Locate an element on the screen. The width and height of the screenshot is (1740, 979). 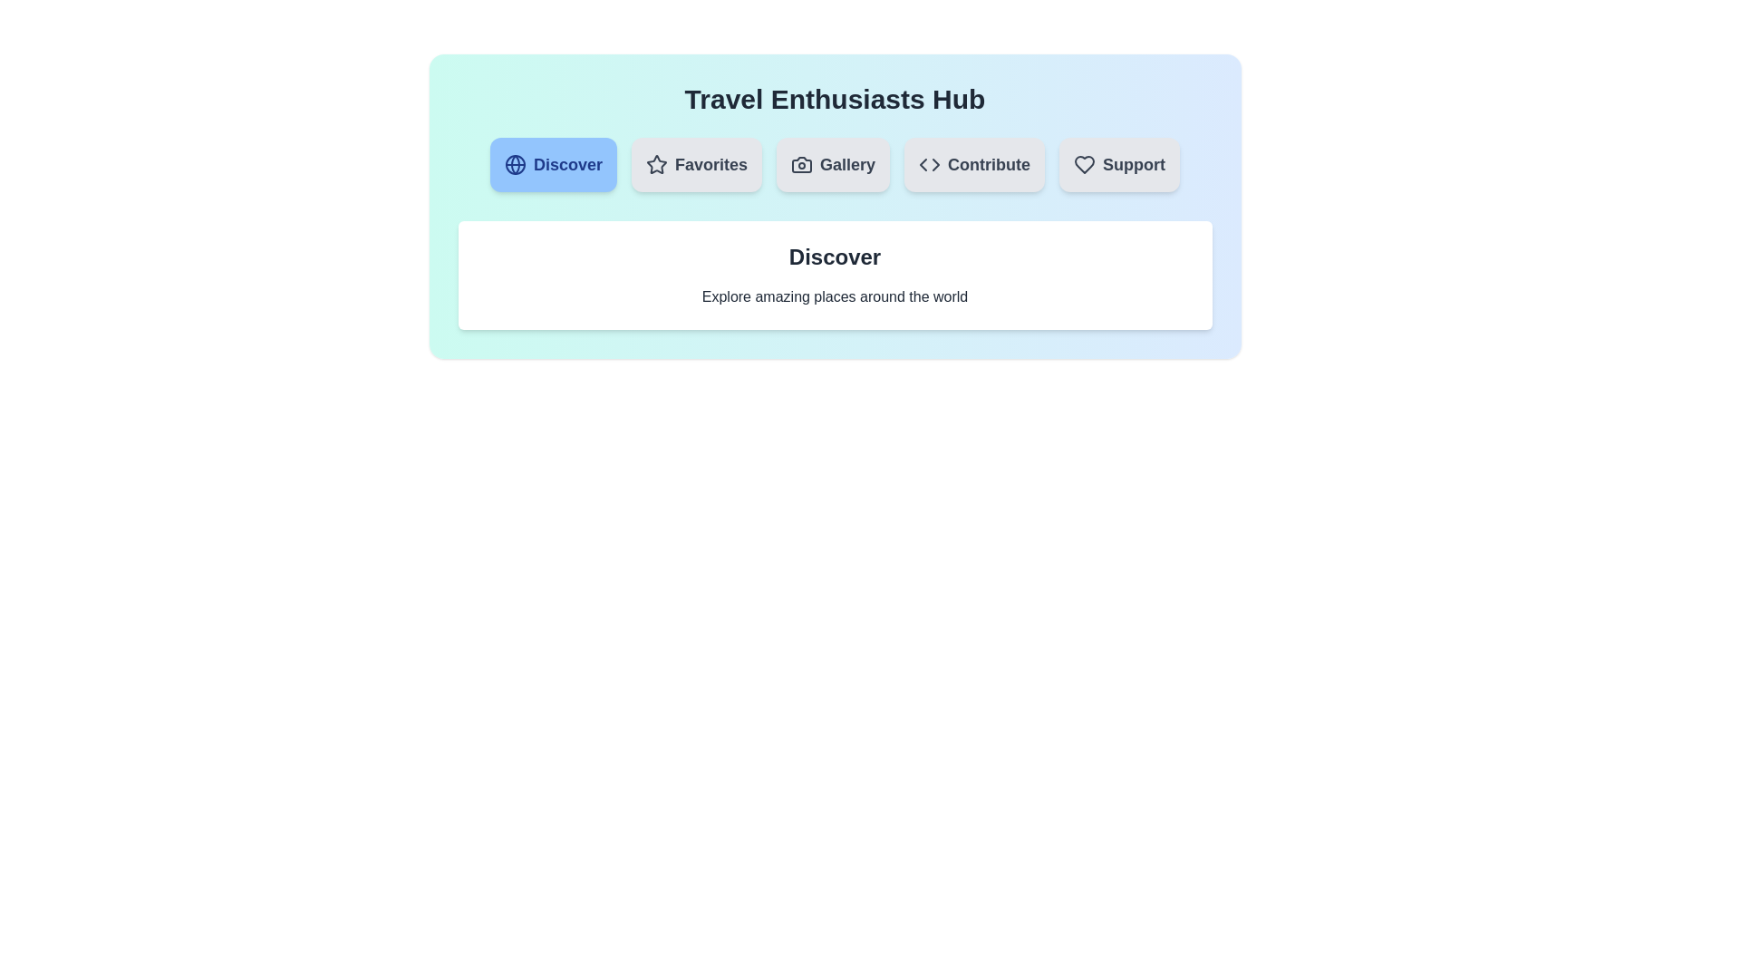
the navigation bar located just under the title header 'Travel Enthusiasts Hub' is located at coordinates (834, 164).